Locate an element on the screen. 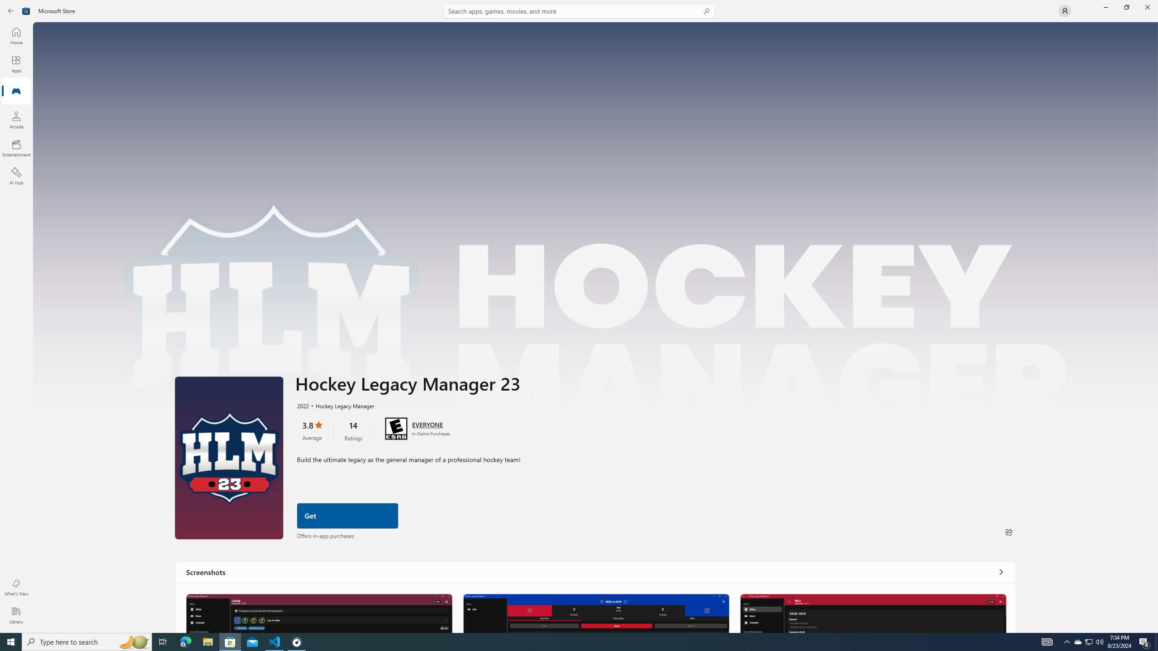 Image resolution: width=1158 pixels, height=651 pixels. 'AI Hub' is located at coordinates (15, 175).